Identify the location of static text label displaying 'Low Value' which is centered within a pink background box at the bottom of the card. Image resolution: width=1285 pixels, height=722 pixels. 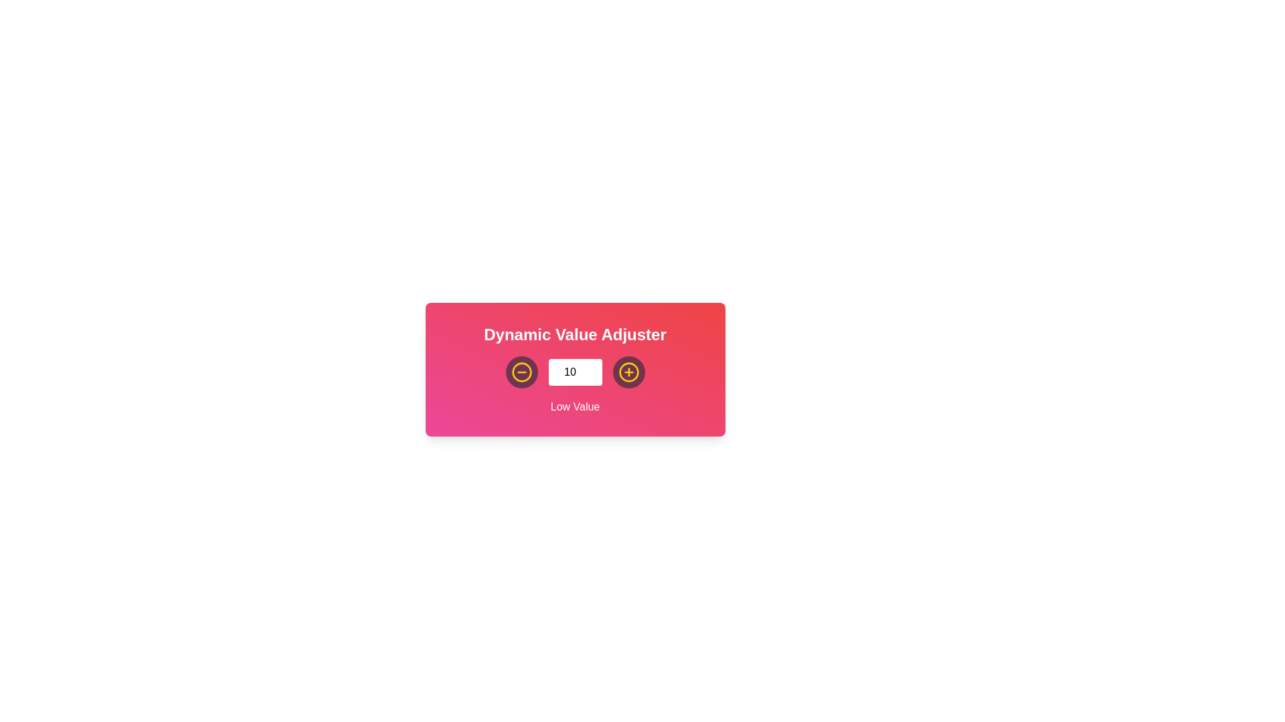
(575, 406).